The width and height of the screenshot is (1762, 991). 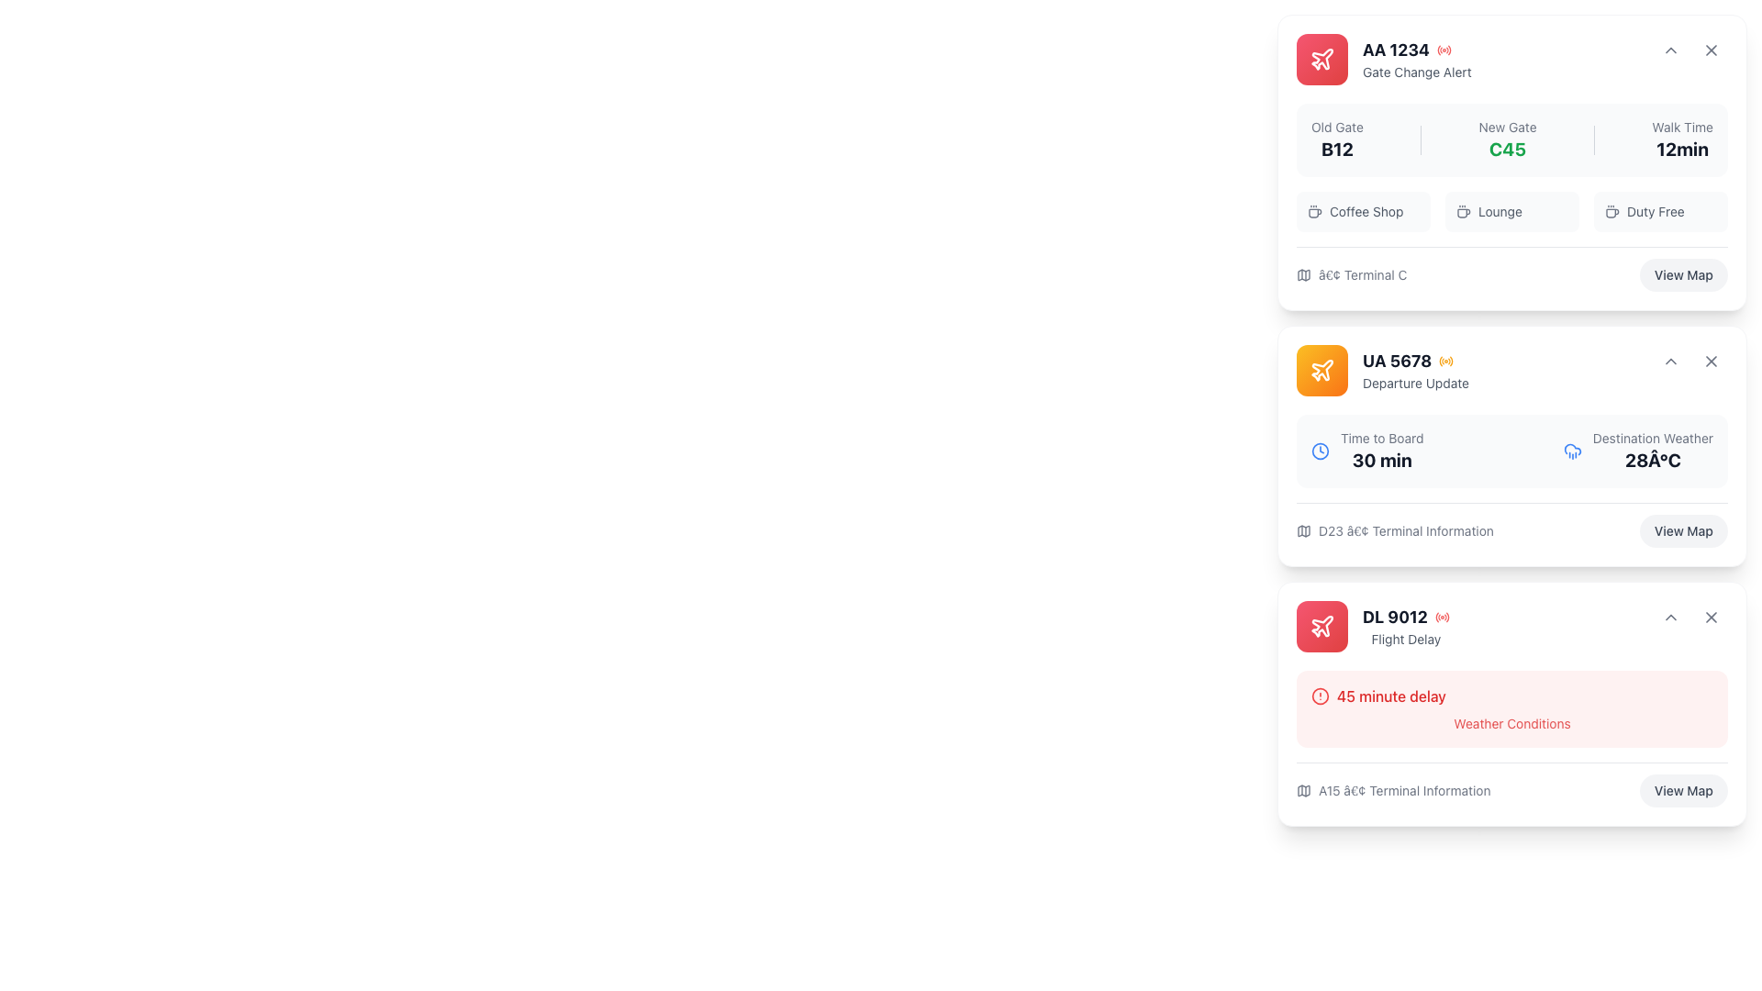 I want to click on the 'X' icon in the top-right corner of the second card, so click(x=1711, y=361).